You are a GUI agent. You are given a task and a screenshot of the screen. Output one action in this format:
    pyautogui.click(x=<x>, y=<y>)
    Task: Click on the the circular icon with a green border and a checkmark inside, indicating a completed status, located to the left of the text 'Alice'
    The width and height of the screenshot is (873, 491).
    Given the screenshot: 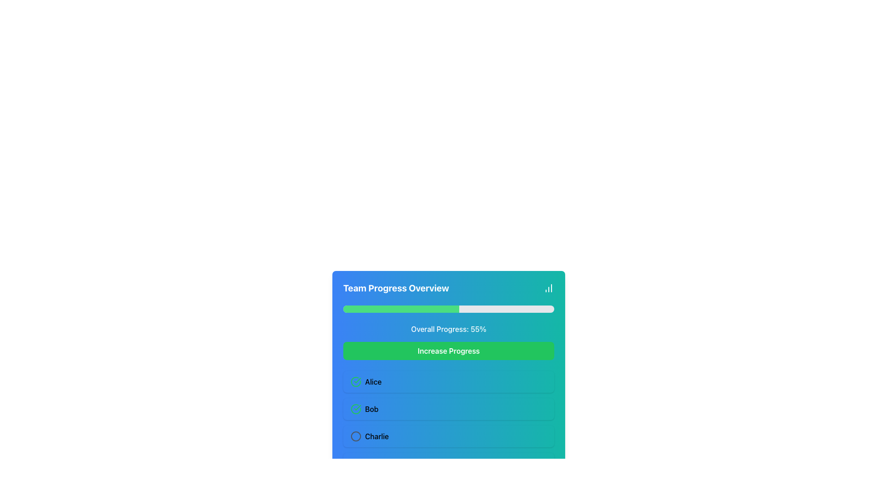 What is the action you would take?
    pyautogui.click(x=355, y=382)
    